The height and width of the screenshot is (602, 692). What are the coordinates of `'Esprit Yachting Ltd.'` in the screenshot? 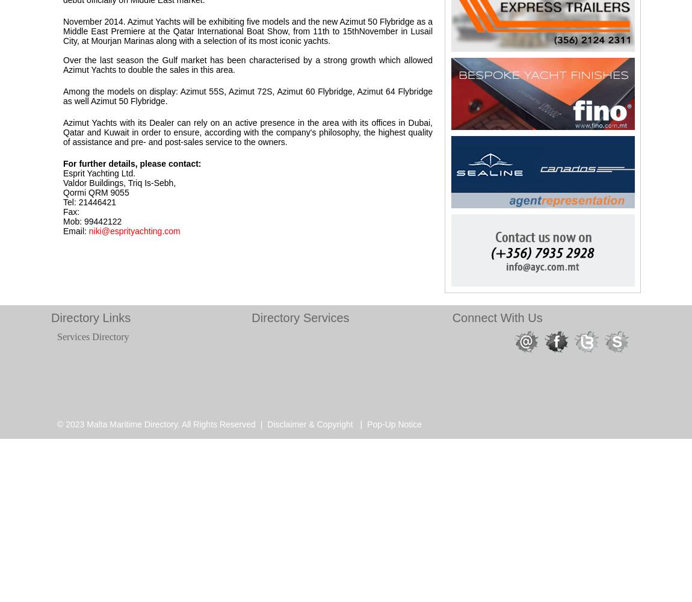 It's located at (99, 173).